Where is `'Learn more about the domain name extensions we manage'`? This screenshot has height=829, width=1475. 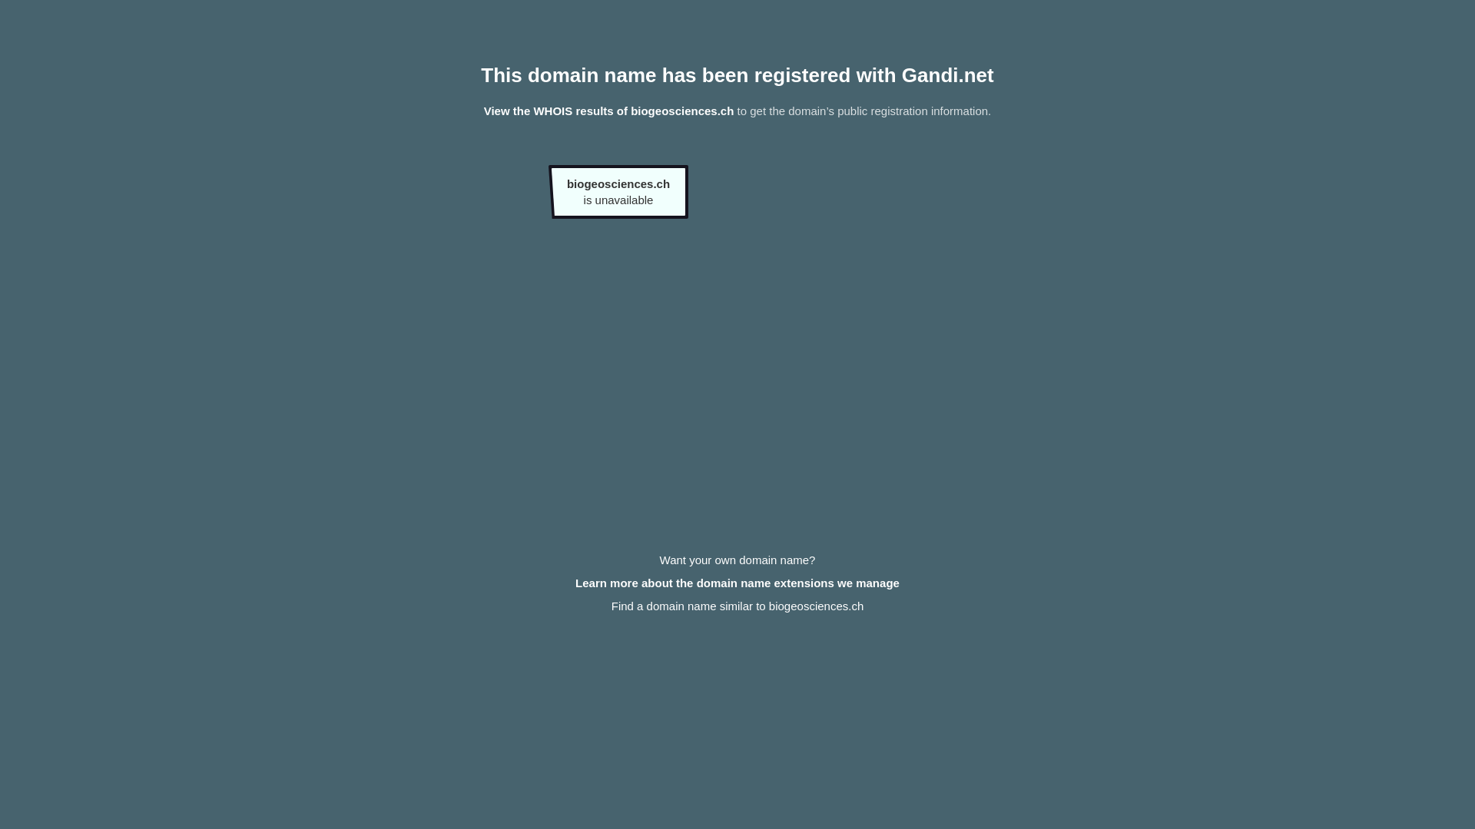
'Learn more about the domain name extensions we manage' is located at coordinates (737, 583).